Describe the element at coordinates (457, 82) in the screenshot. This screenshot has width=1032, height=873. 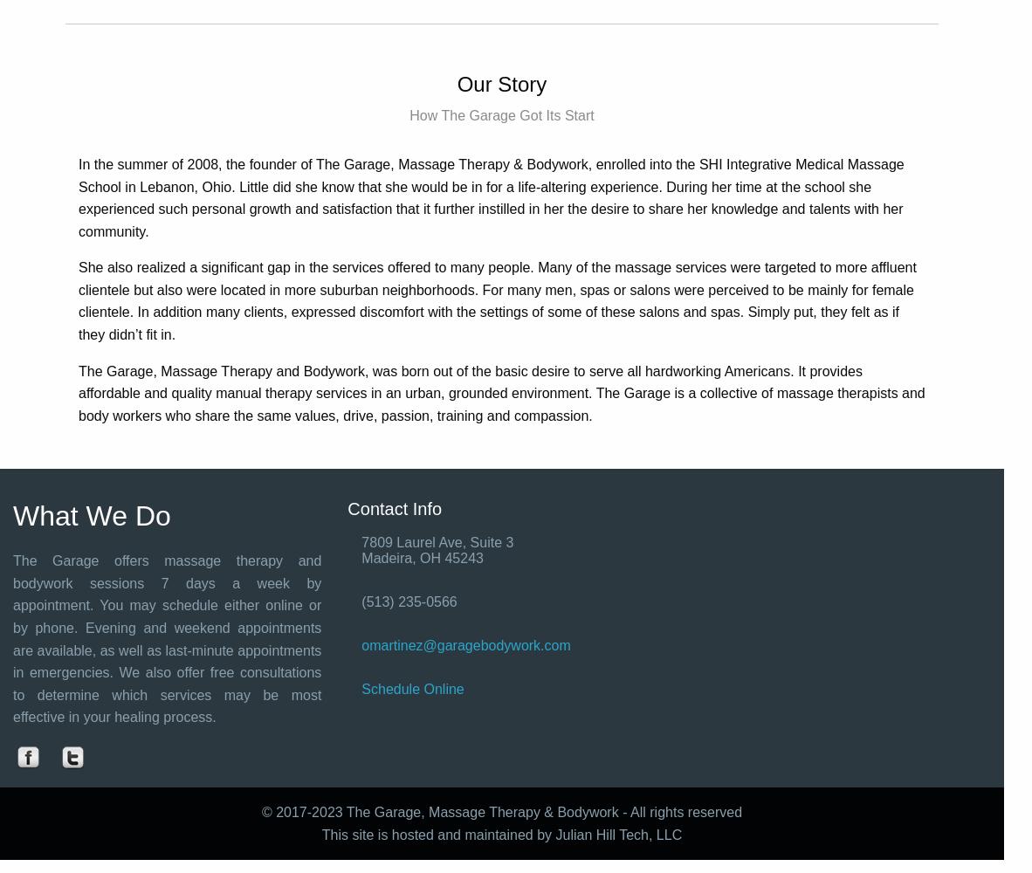
I see `'Our Story'` at that location.